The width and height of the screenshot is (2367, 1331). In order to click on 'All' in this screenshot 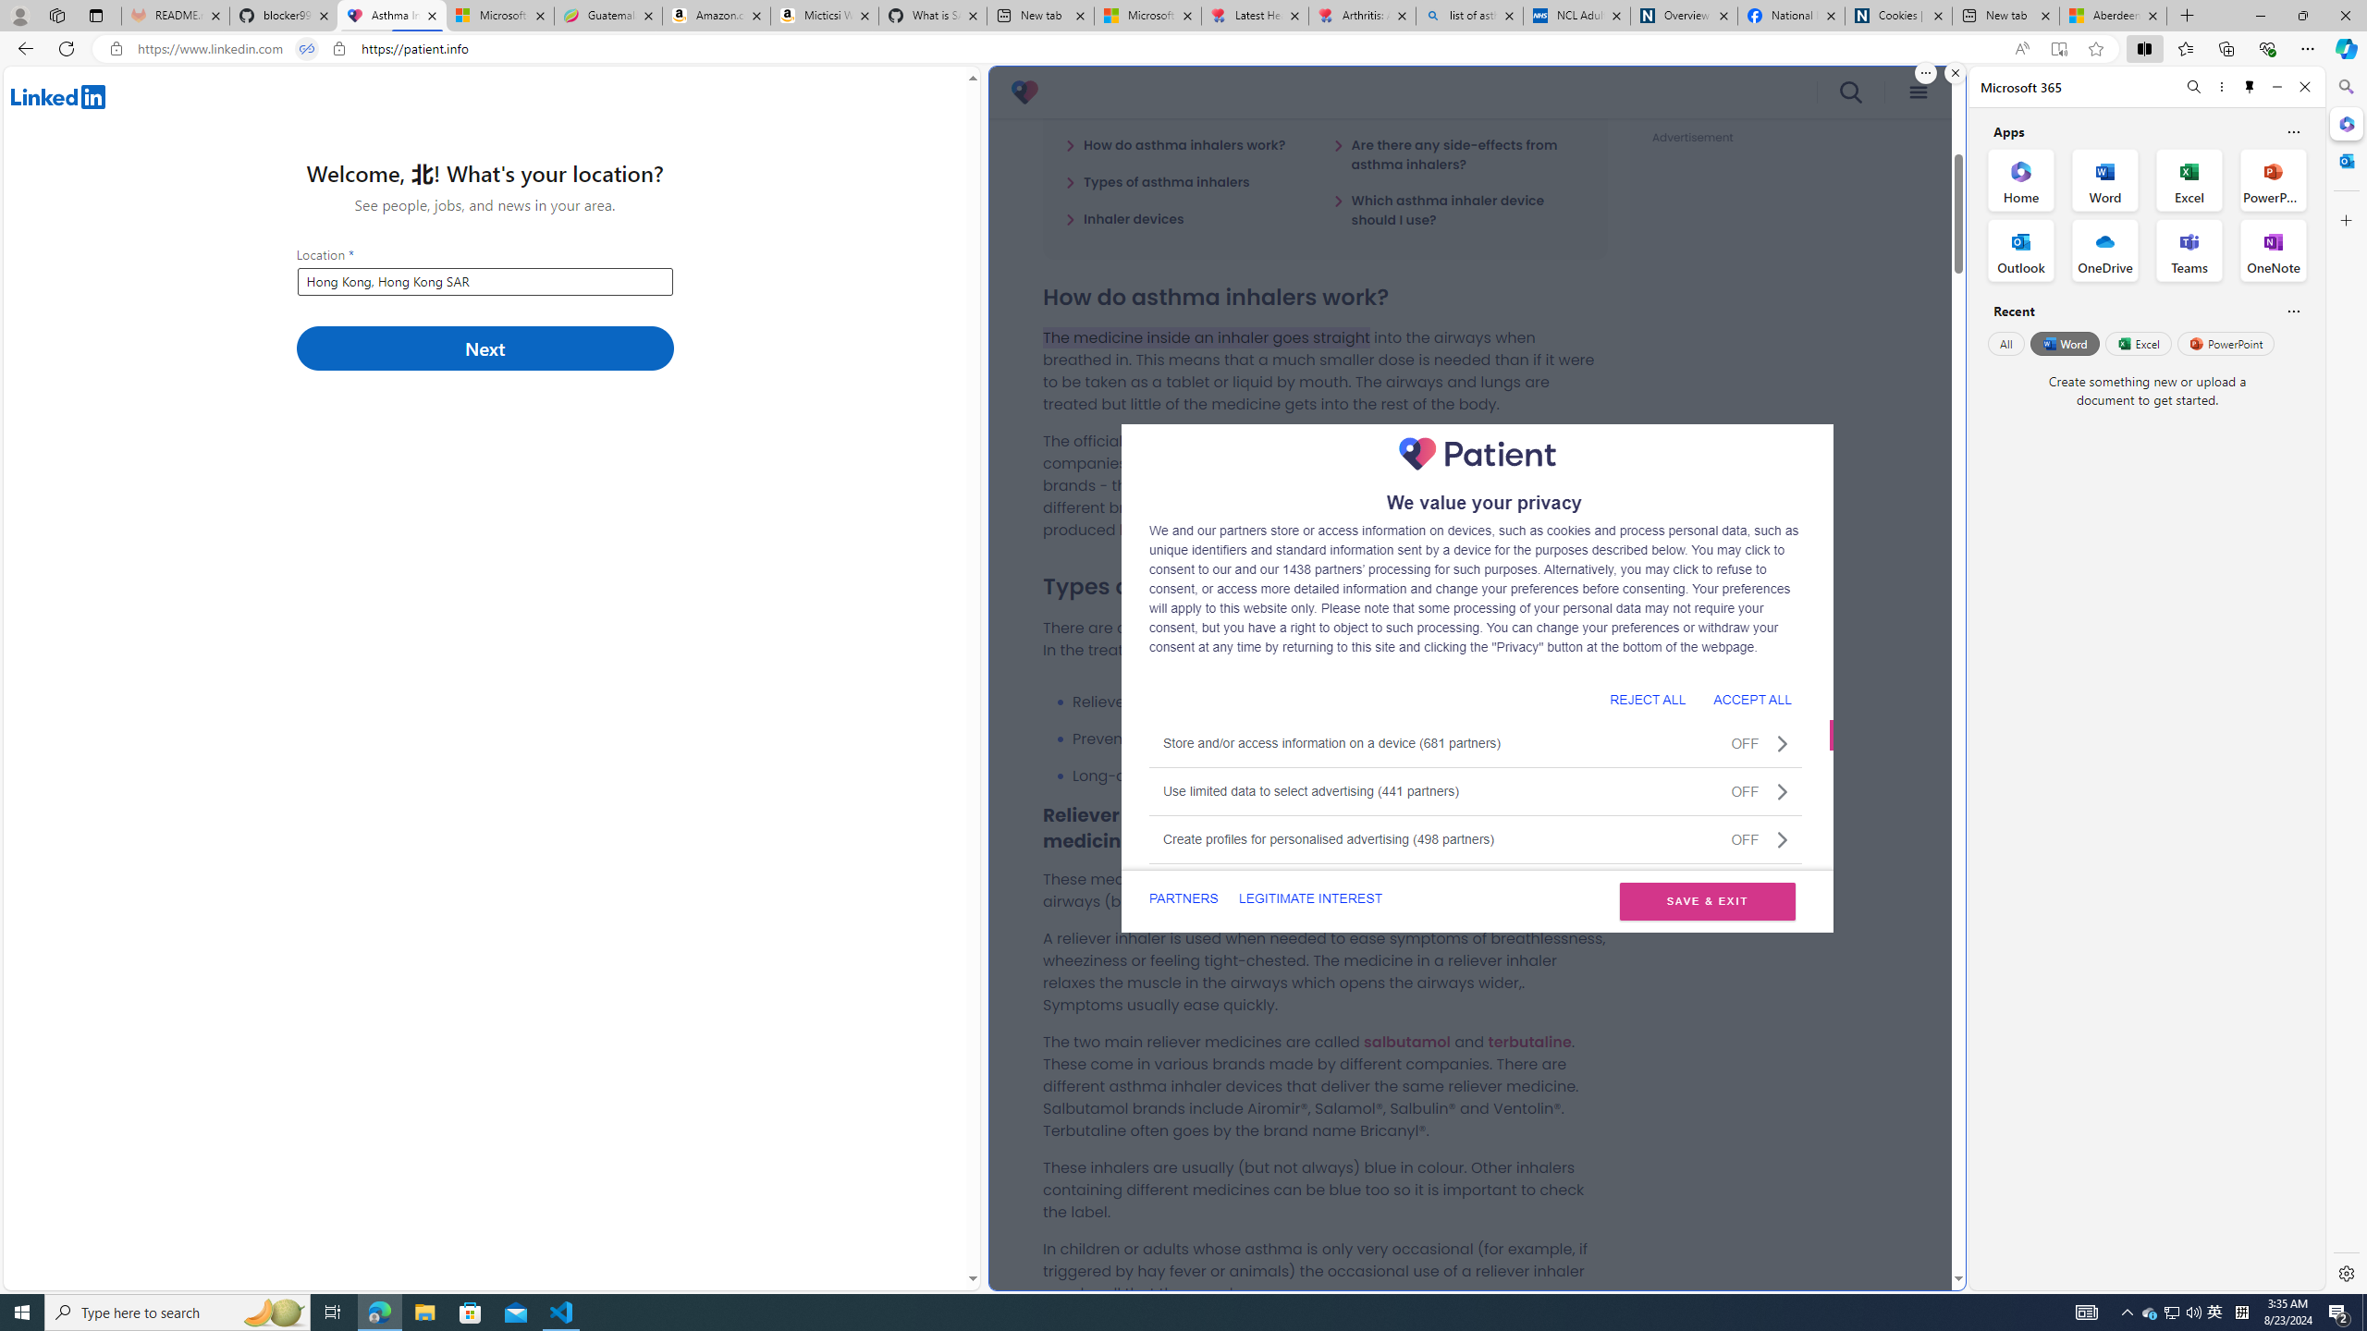, I will do `click(2005, 343)`.